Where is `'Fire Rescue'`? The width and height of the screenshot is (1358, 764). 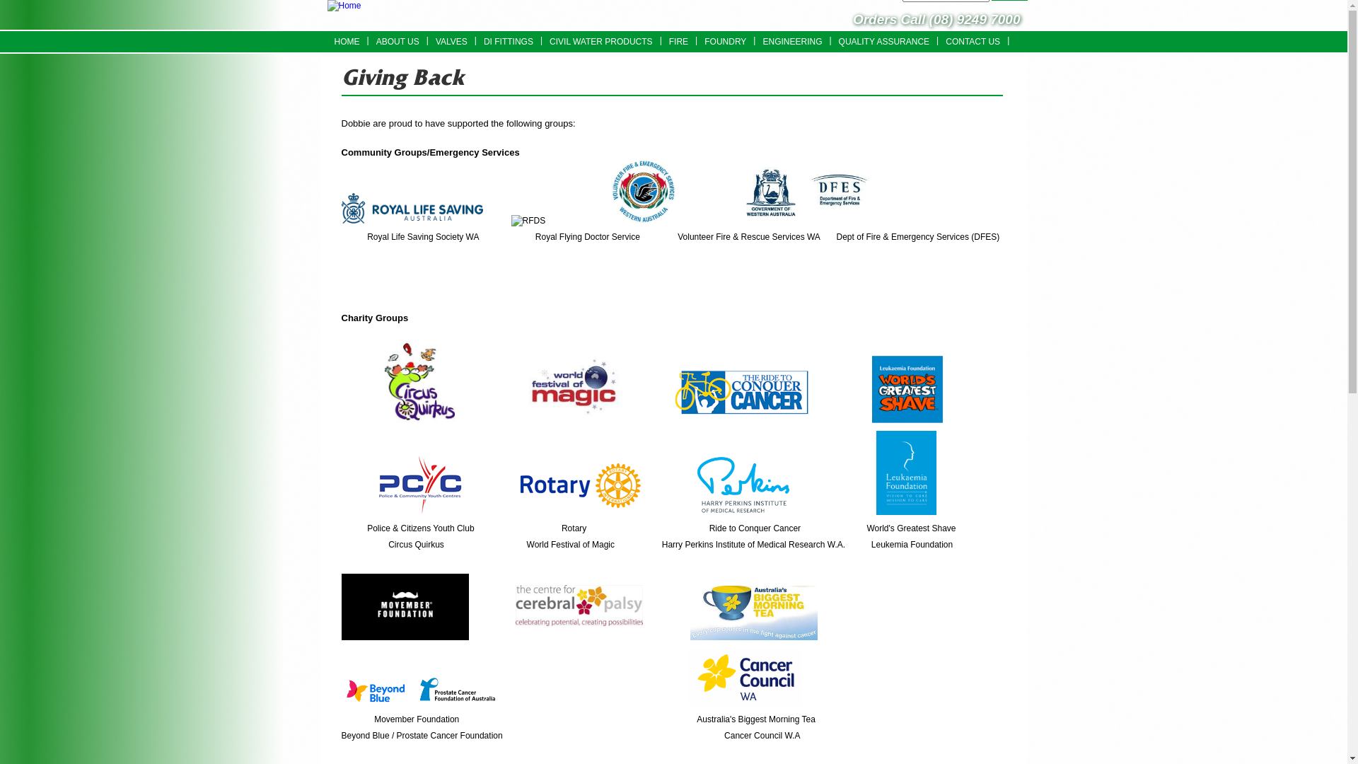 'Fire Rescue' is located at coordinates (643, 191).